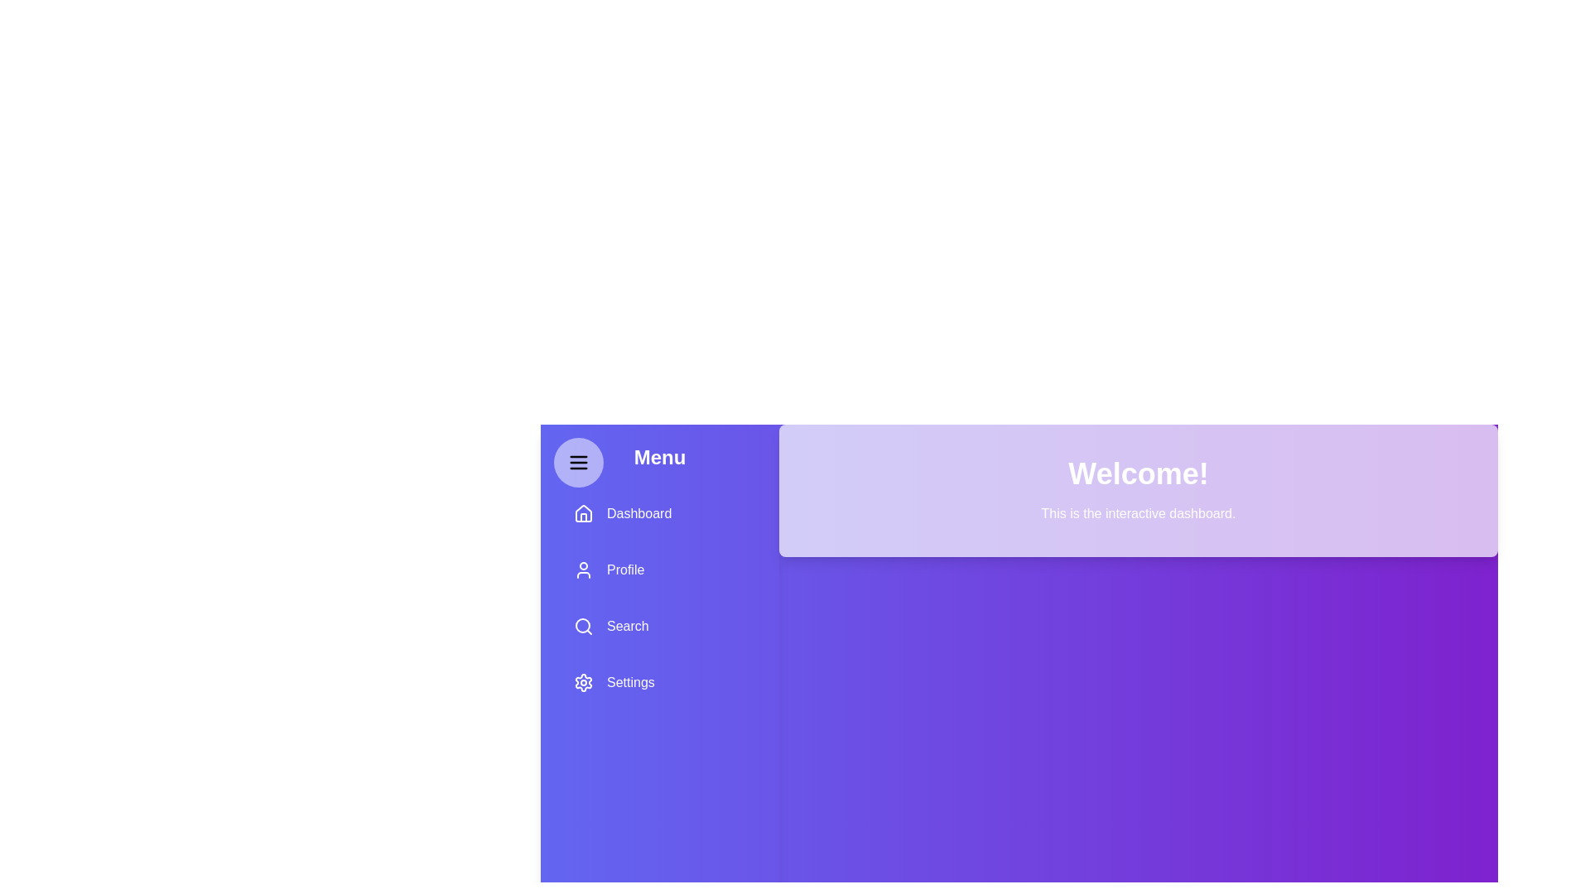 The image size is (1590, 894). What do you see at coordinates (658, 683) in the screenshot?
I see `the menu option Settings by clicking on it` at bounding box center [658, 683].